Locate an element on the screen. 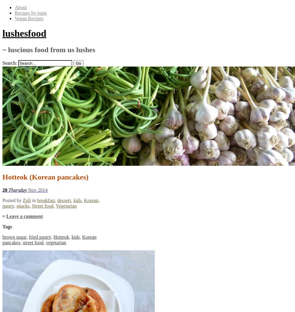 The height and width of the screenshot is (312, 295). '20' is located at coordinates (2, 189).